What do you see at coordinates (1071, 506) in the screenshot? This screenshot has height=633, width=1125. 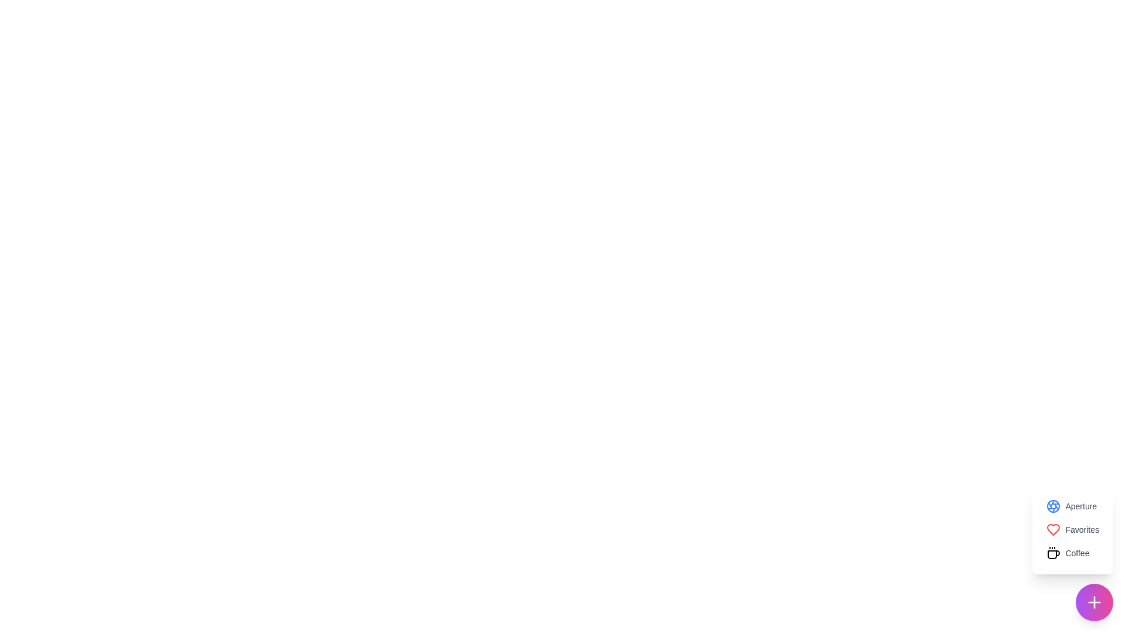 I see `the Aperture option from the menu` at bounding box center [1071, 506].